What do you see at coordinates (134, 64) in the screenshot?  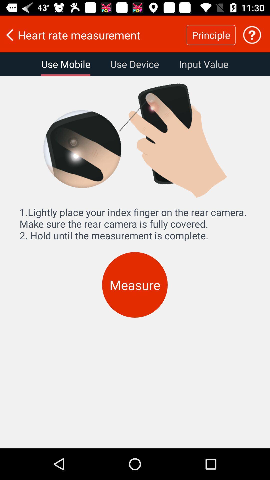 I see `item below heart rate measurement` at bounding box center [134, 64].